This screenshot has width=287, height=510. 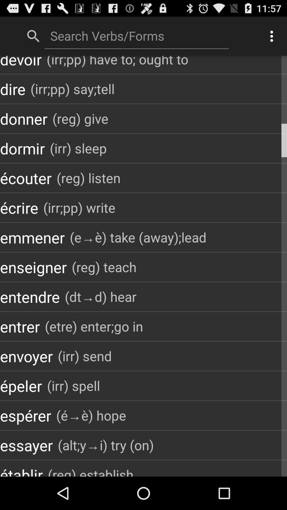 What do you see at coordinates (90, 470) in the screenshot?
I see `icon below essayer` at bounding box center [90, 470].